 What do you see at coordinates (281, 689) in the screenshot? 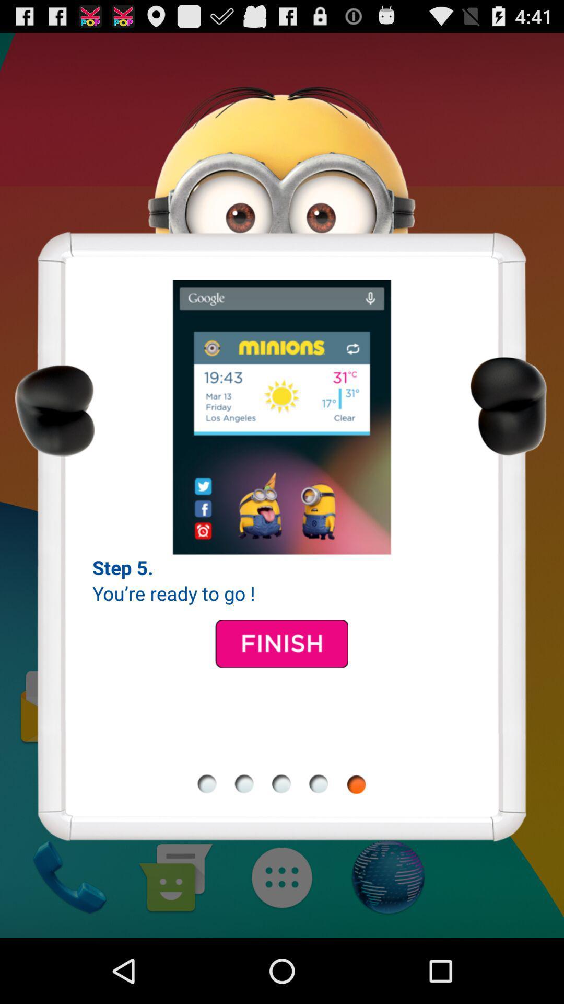
I see `the date_range icon` at bounding box center [281, 689].